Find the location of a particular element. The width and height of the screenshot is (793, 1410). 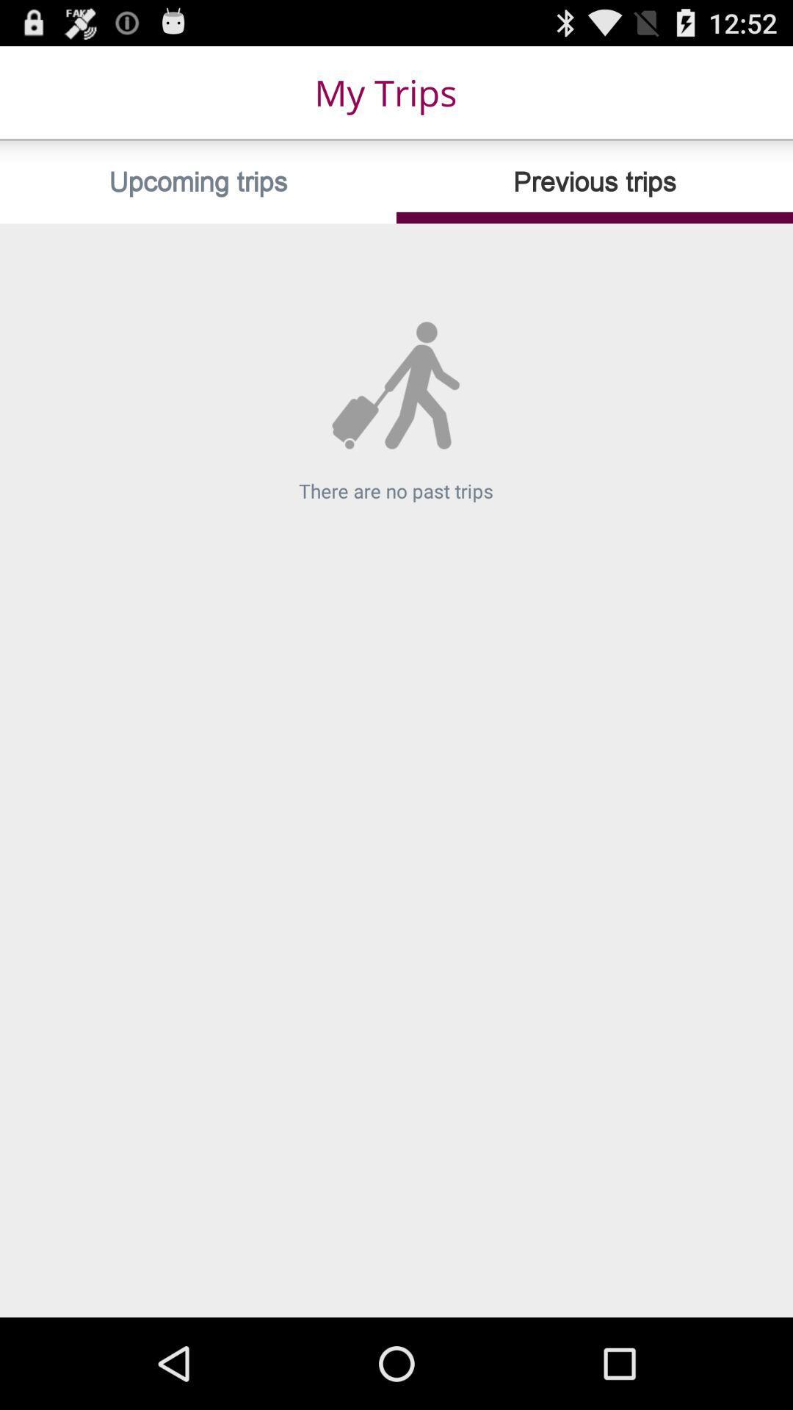

the item at the top left corner is located at coordinates (198, 181).